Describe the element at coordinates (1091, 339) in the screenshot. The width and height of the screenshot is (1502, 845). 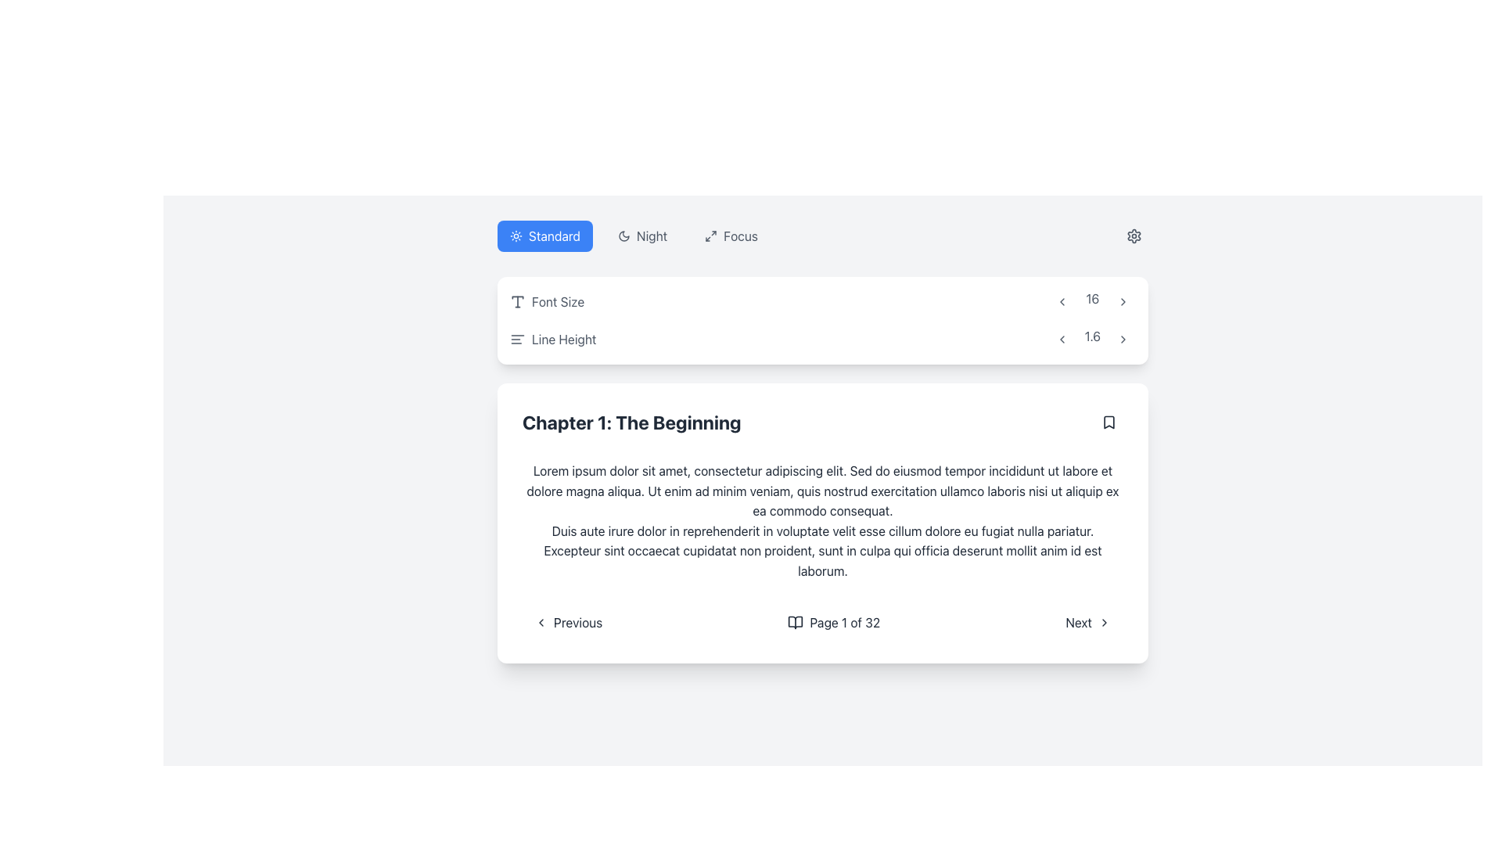
I see `the numeric text '1.6' in the 'Line Height' control area, which is positioned between the left arrow button ('<') and the right arrow button ('>')` at that location.